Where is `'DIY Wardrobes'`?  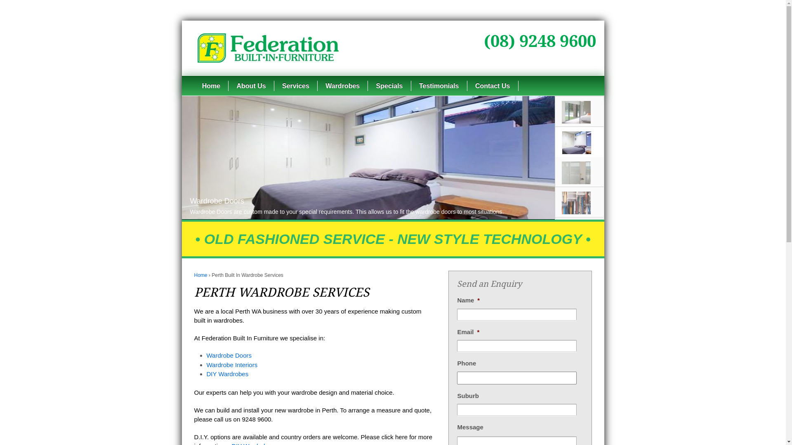 'DIY Wardrobes' is located at coordinates (227, 374).